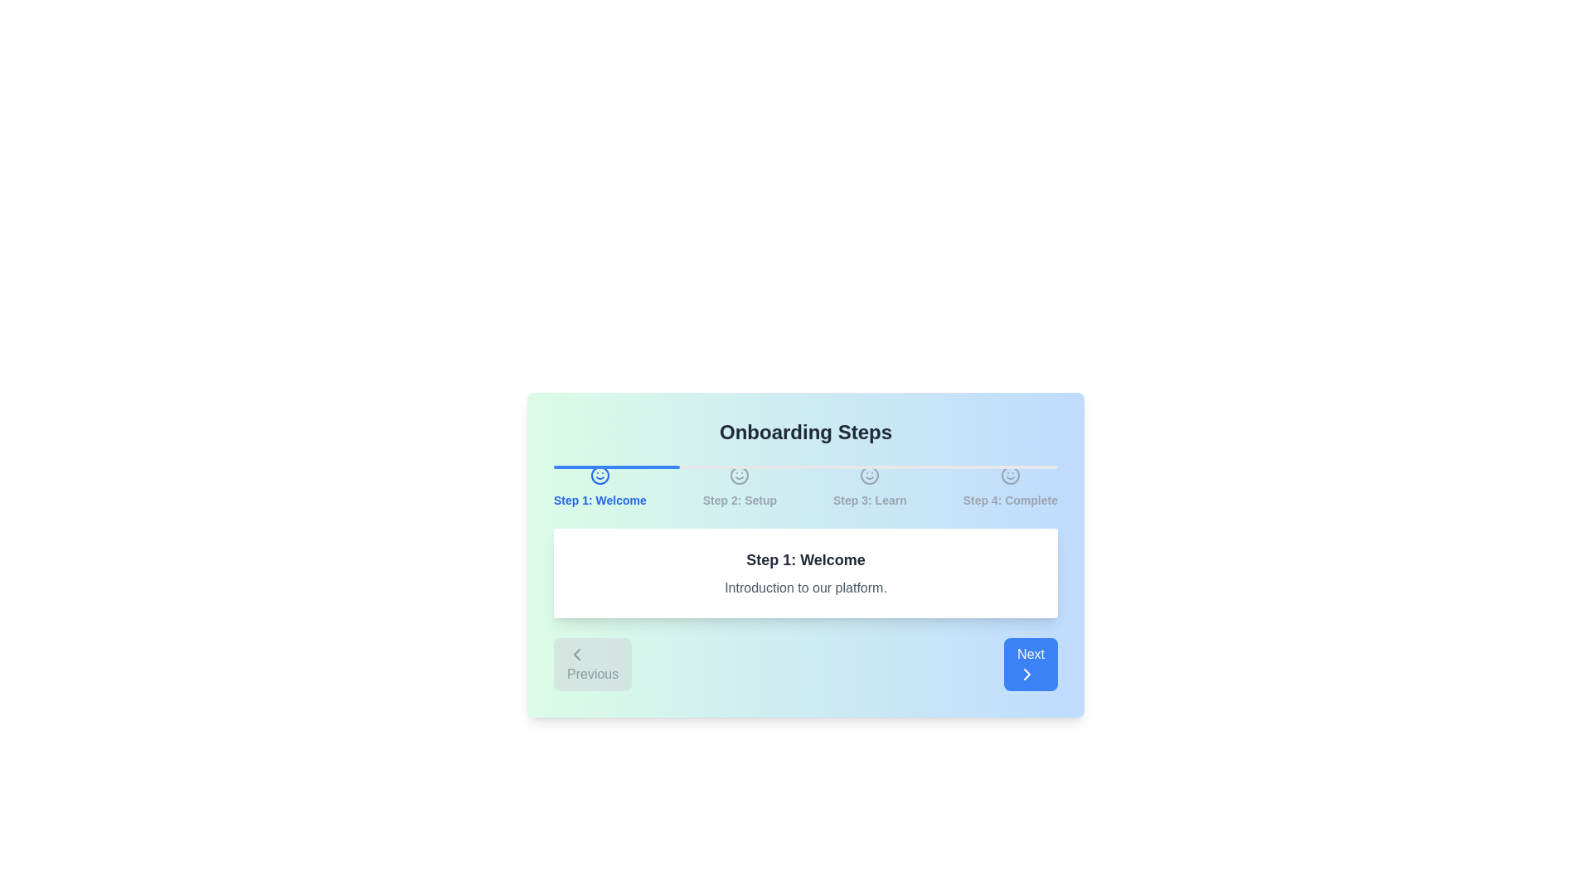 The width and height of the screenshot is (1592, 895). Describe the element at coordinates (593, 664) in the screenshot. I see `the 'Previous' button, which is a light gray rectangular button with a leftward arrow icon, located at the bottom-left corner of the card interface` at that location.